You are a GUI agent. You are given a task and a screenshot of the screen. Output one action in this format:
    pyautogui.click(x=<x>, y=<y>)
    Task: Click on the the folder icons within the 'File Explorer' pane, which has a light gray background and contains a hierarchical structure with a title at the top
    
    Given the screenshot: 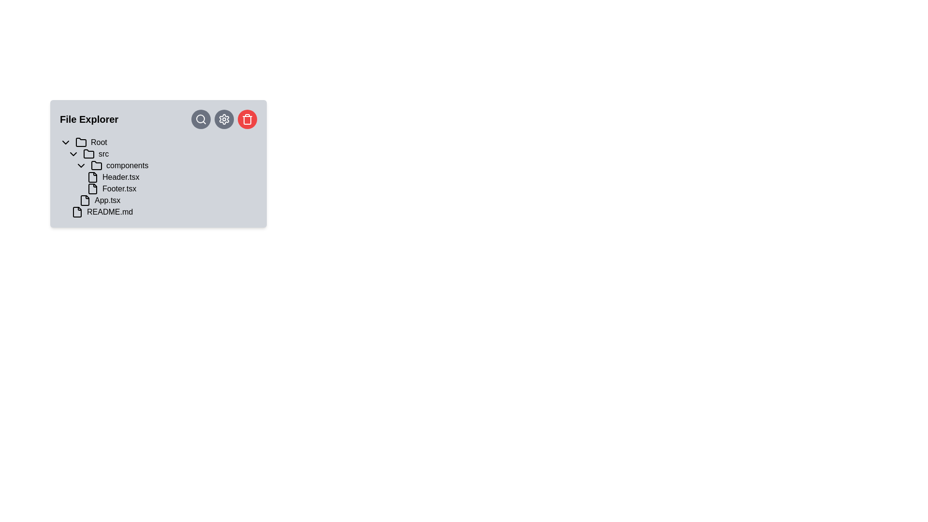 What is the action you would take?
    pyautogui.click(x=158, y=163)
    